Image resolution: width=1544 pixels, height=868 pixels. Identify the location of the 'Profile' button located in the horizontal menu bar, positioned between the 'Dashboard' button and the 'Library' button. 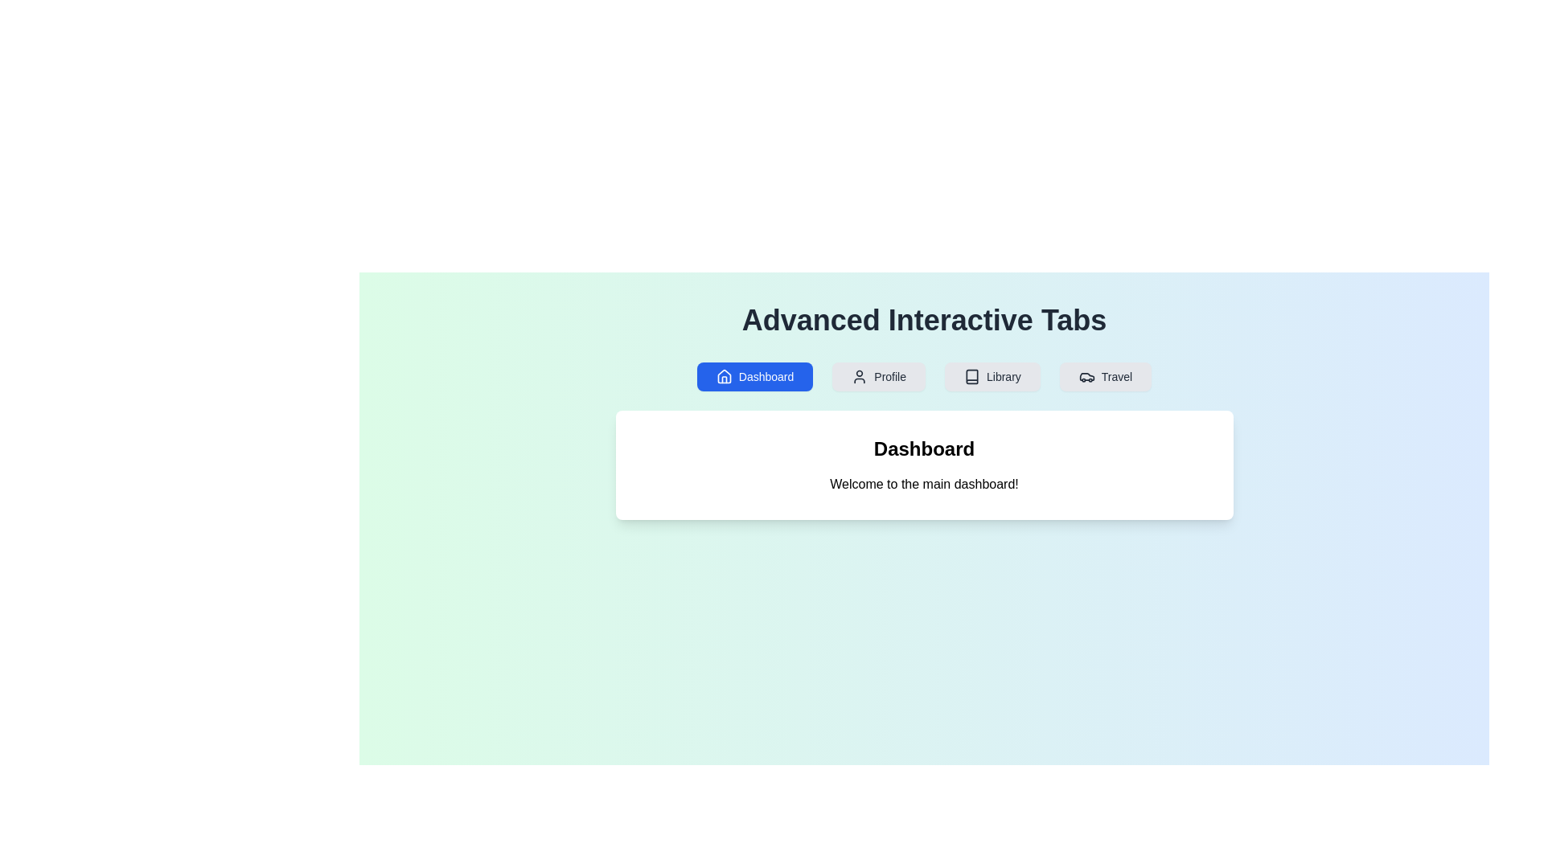
(878, 377).